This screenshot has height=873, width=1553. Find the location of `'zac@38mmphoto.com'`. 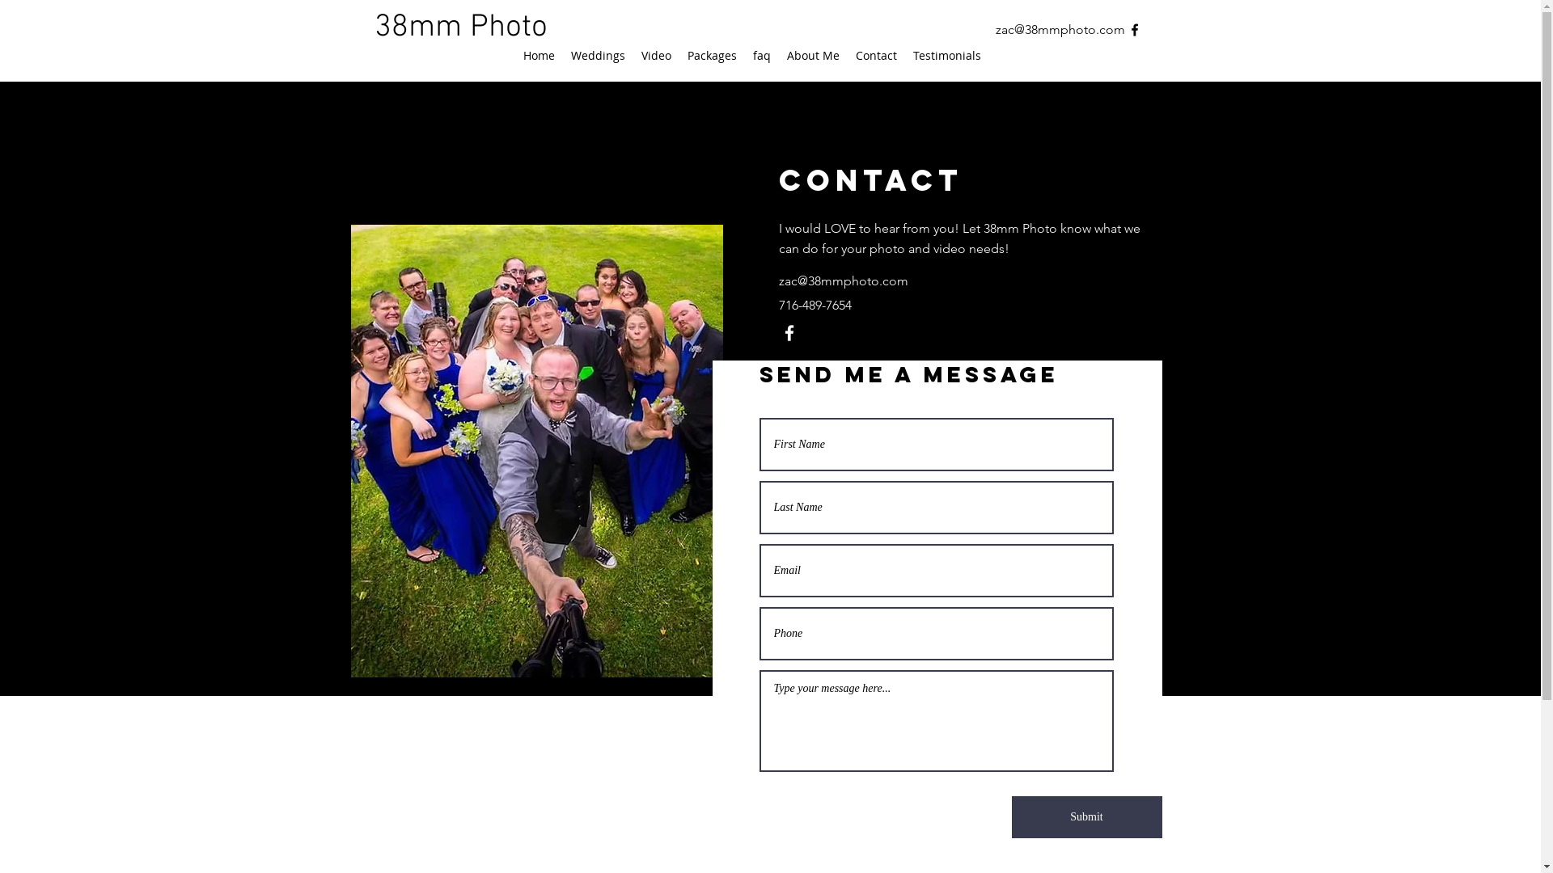

'zac@38mmphoto.com' is located at coordinates (993, 29).